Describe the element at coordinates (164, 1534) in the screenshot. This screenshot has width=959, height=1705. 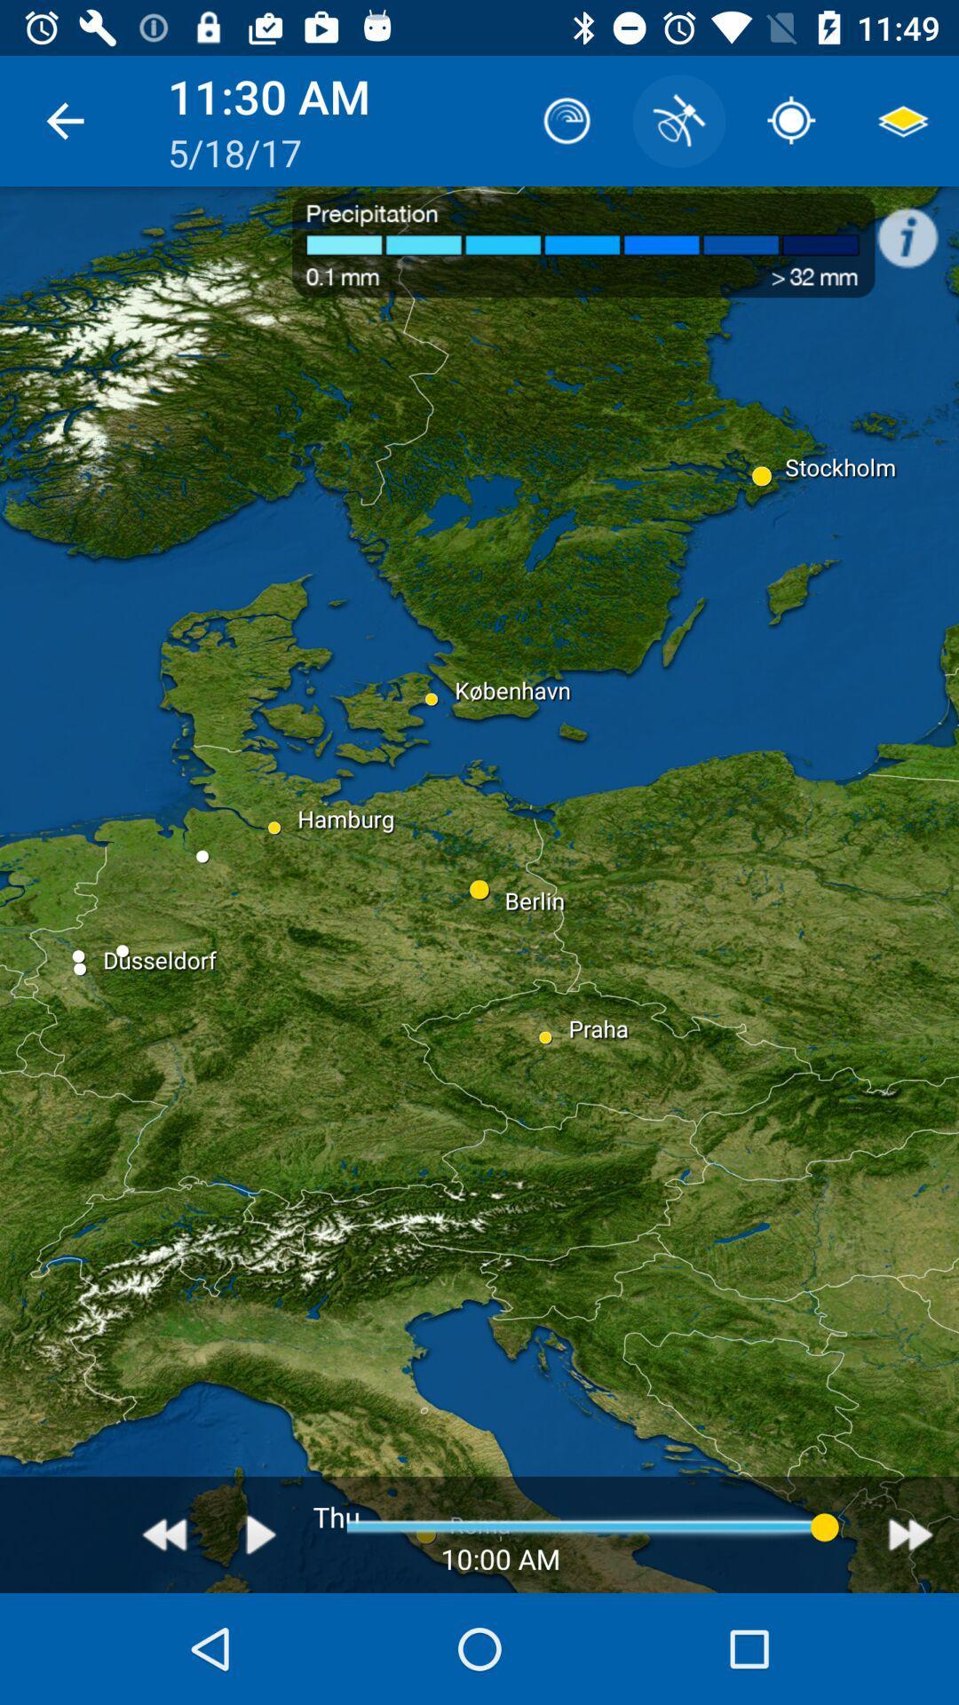
I see `rewind` at that location.